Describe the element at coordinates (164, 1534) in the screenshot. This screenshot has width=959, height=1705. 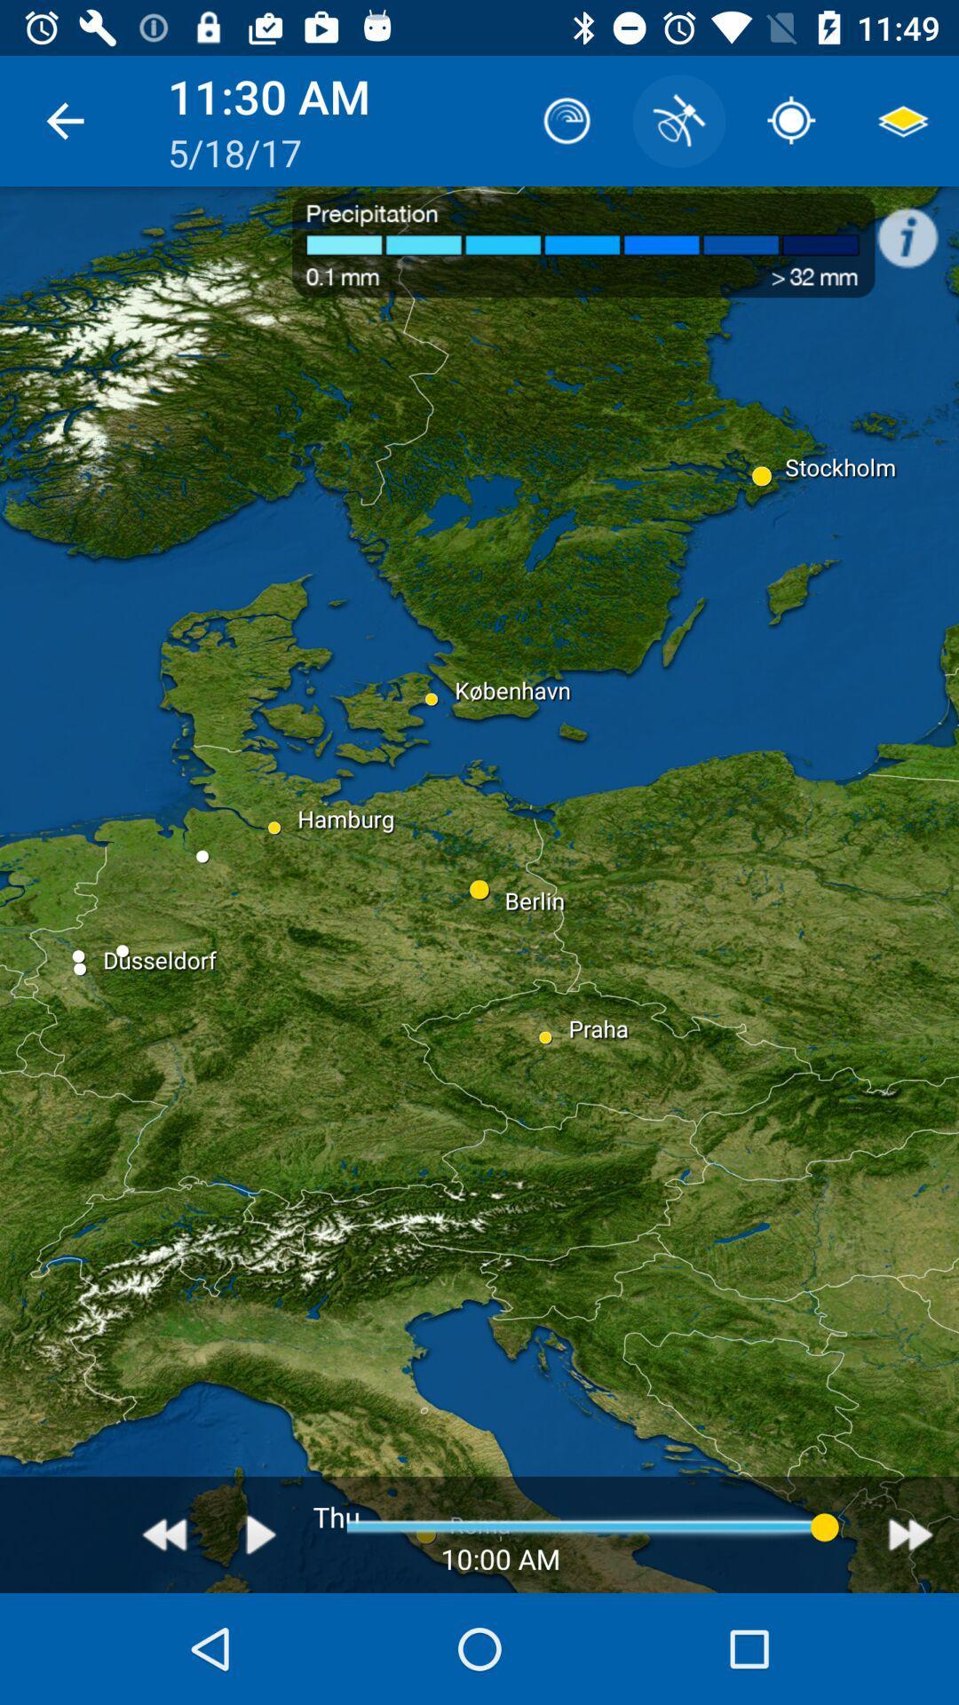
I see `rewind` at that location.